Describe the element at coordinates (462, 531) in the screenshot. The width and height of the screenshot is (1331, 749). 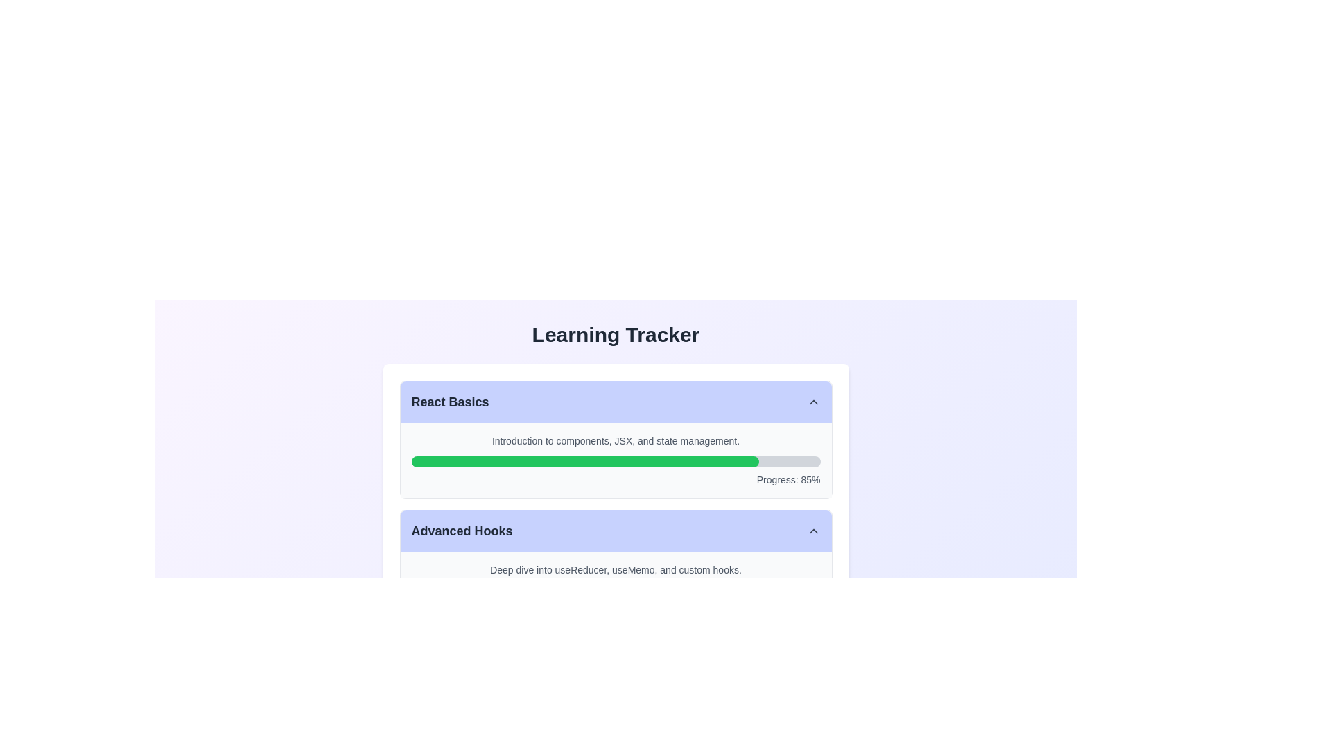
I see `the header text label located in the left section of the lavender-colored area for accessibility purposes` at that location.